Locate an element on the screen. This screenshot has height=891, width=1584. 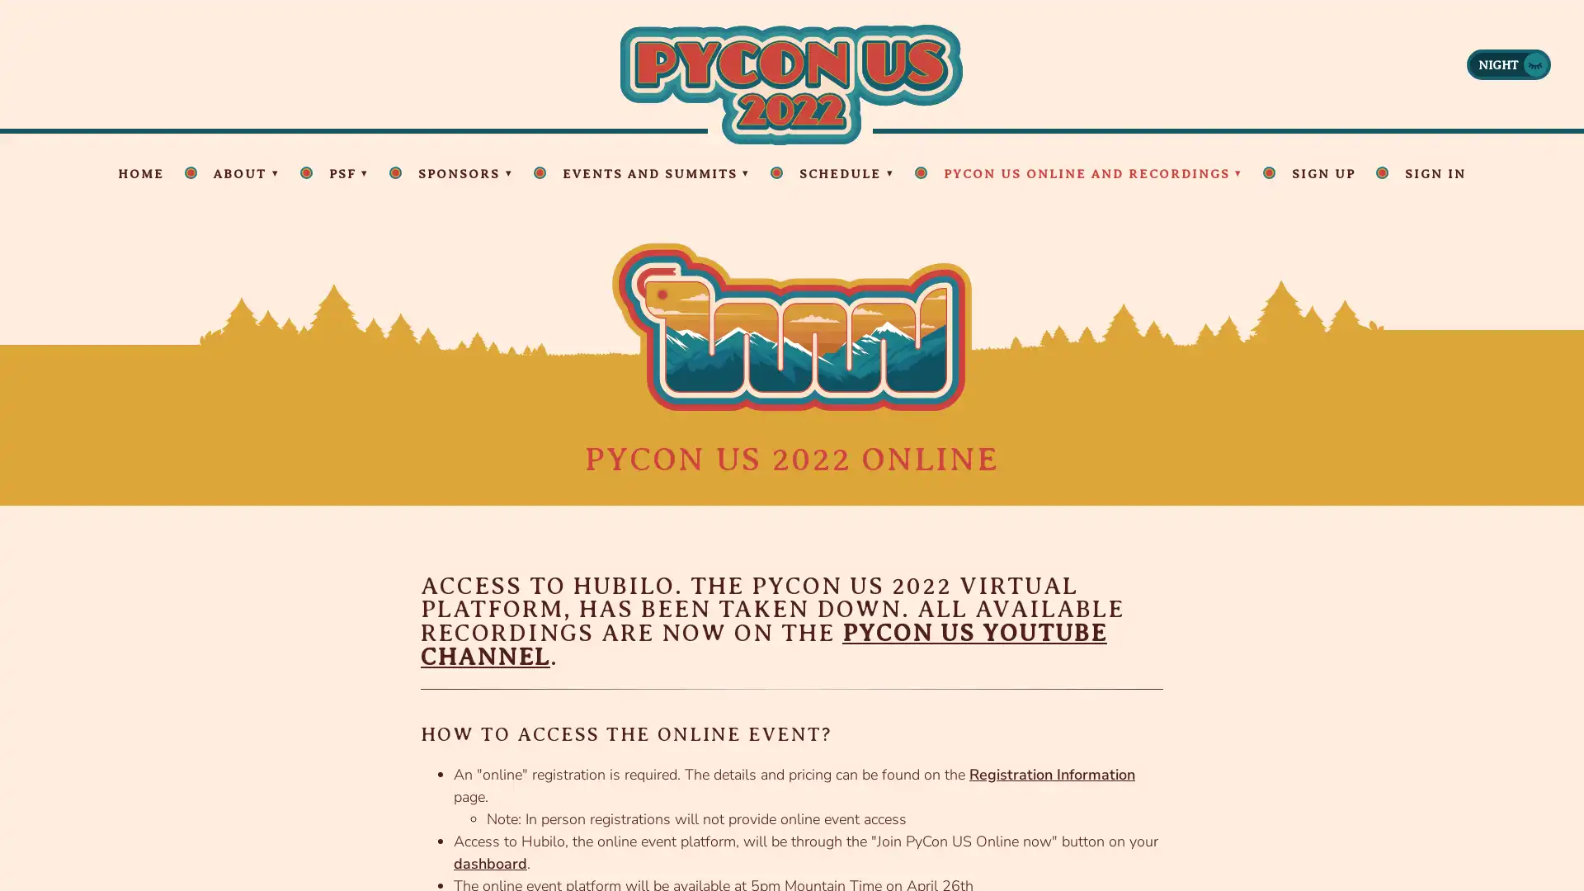
NIGHT is located at coordinates (1508, 63).